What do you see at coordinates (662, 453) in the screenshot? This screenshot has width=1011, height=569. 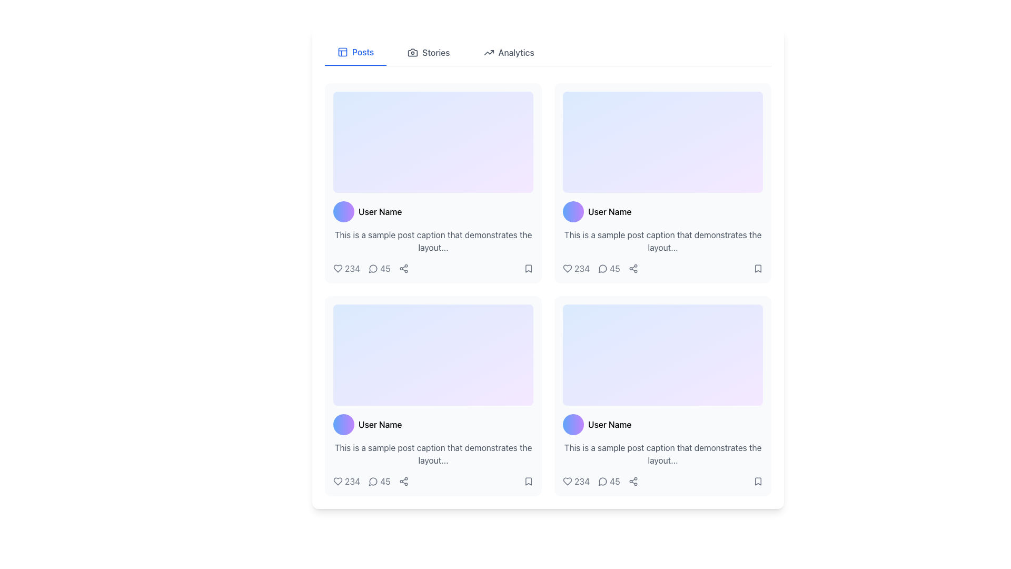 I see `the text block that serves as a caption or description for the content within the card, located in the bottom row, rightmost column of the grid` at bounding box center [662, 453].